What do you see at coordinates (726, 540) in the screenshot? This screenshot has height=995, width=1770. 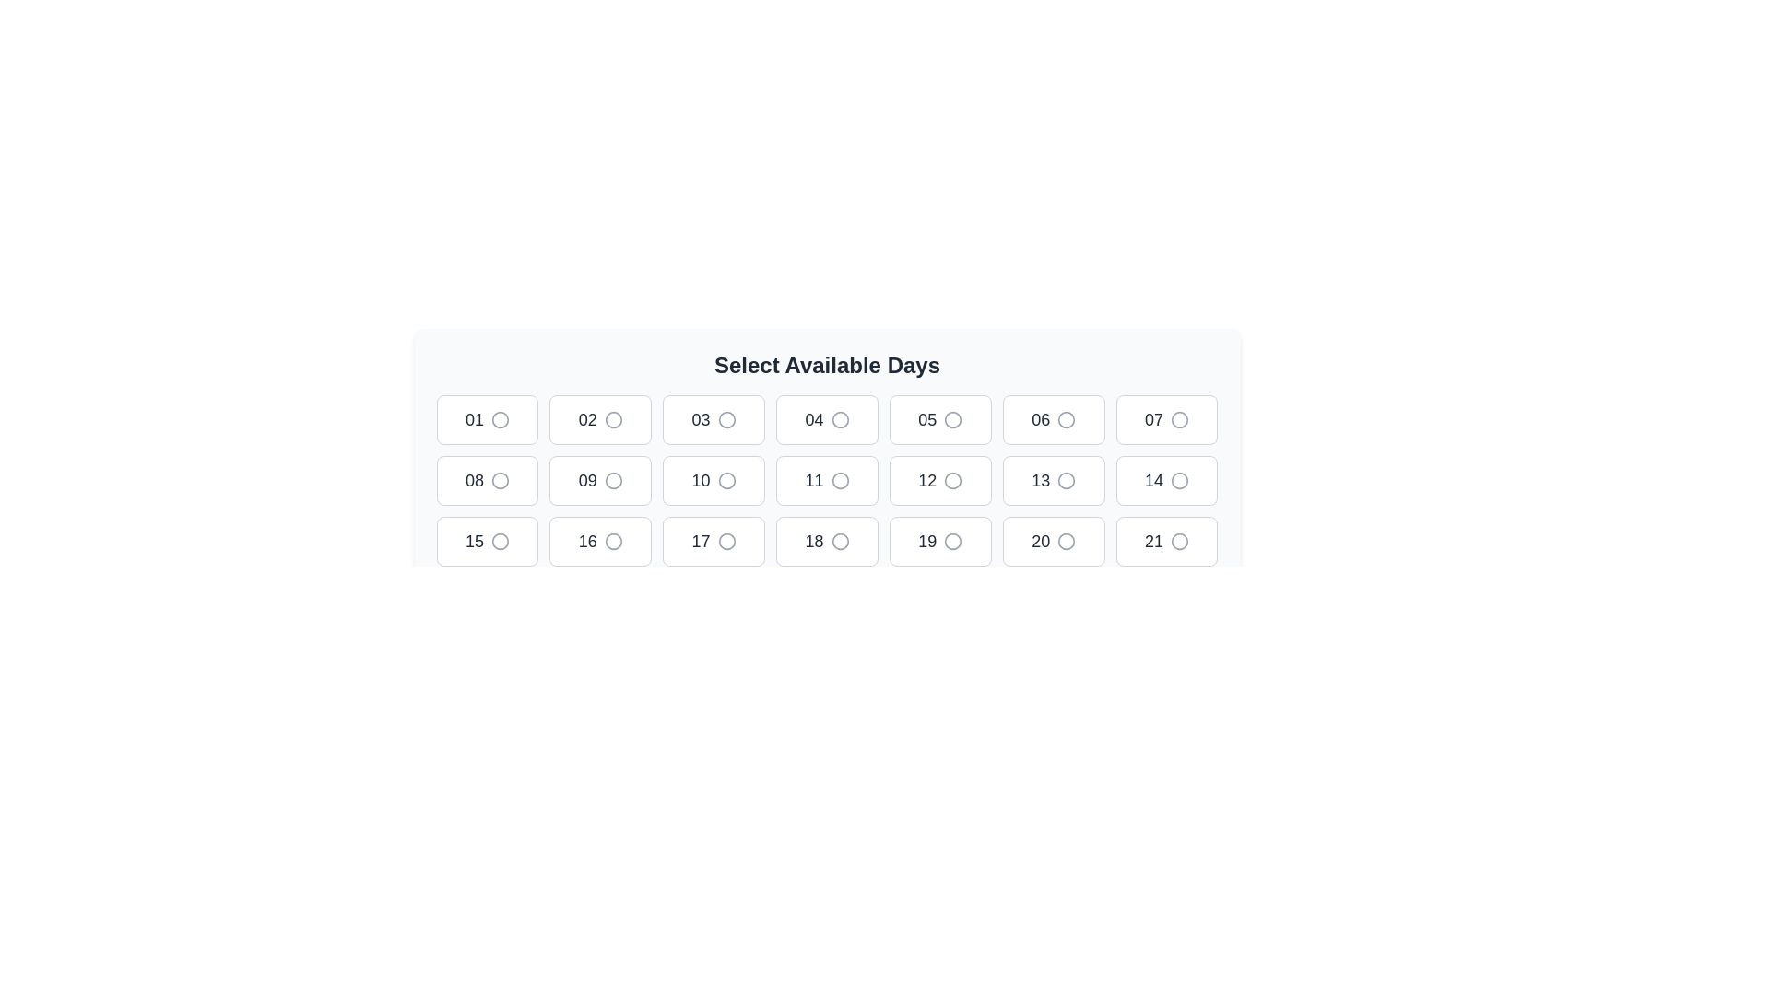 I see `the unselected radio button indicator located to the right of the number '17'` at bounding box center [726, 540].